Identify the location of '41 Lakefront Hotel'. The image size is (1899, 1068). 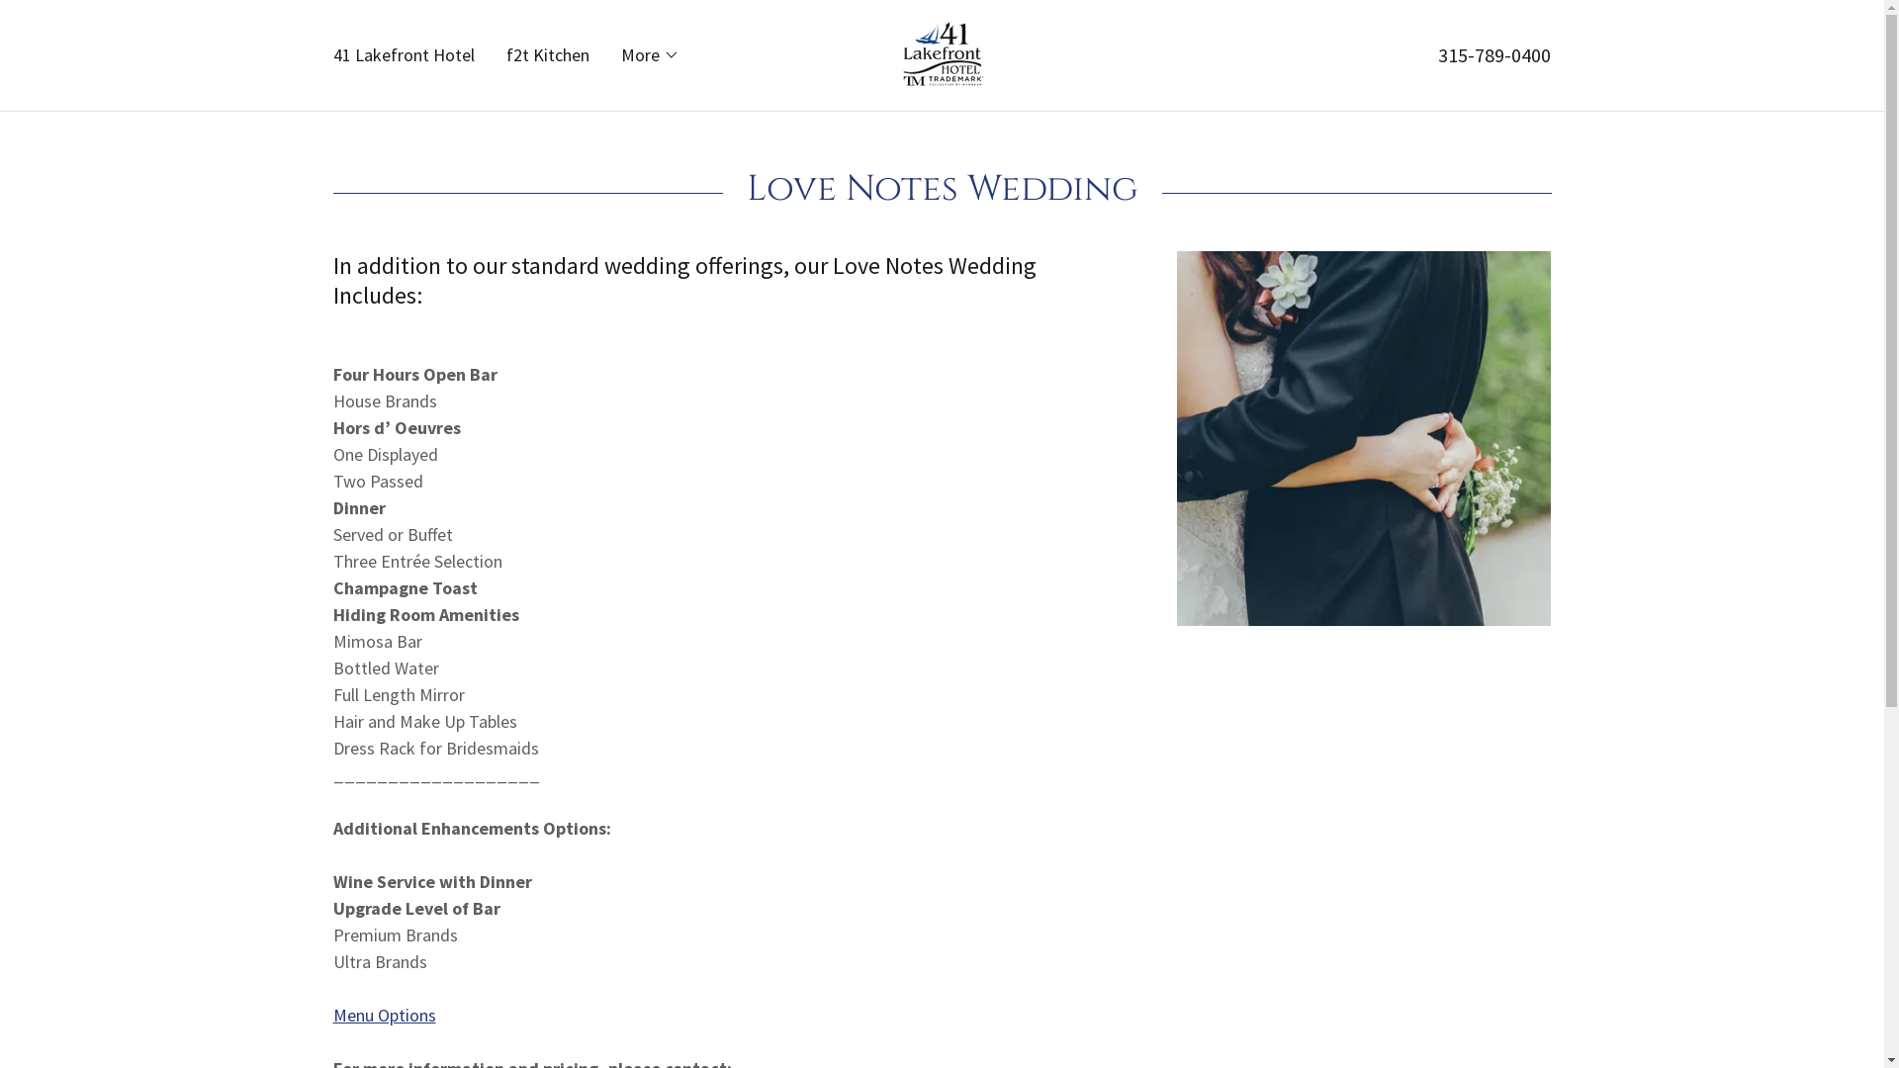
(327, 54).